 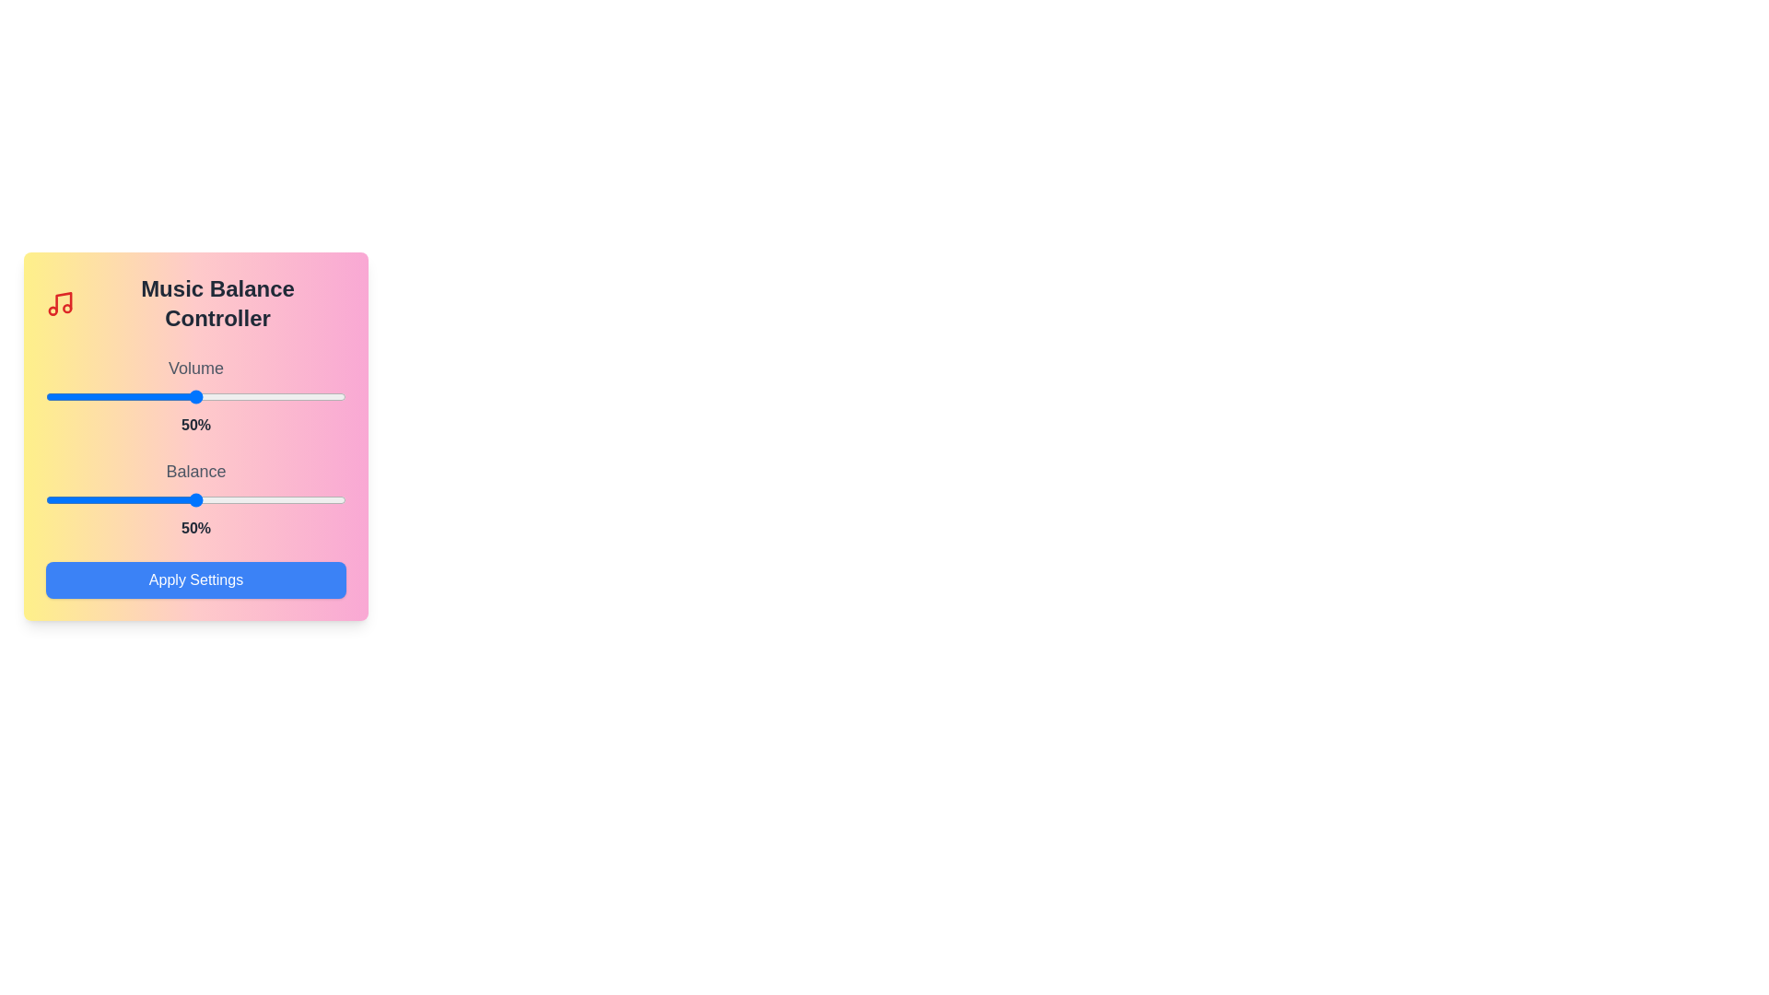 I want to click on the volume slider to set the volume to 98%, so click(x=340, y=396).